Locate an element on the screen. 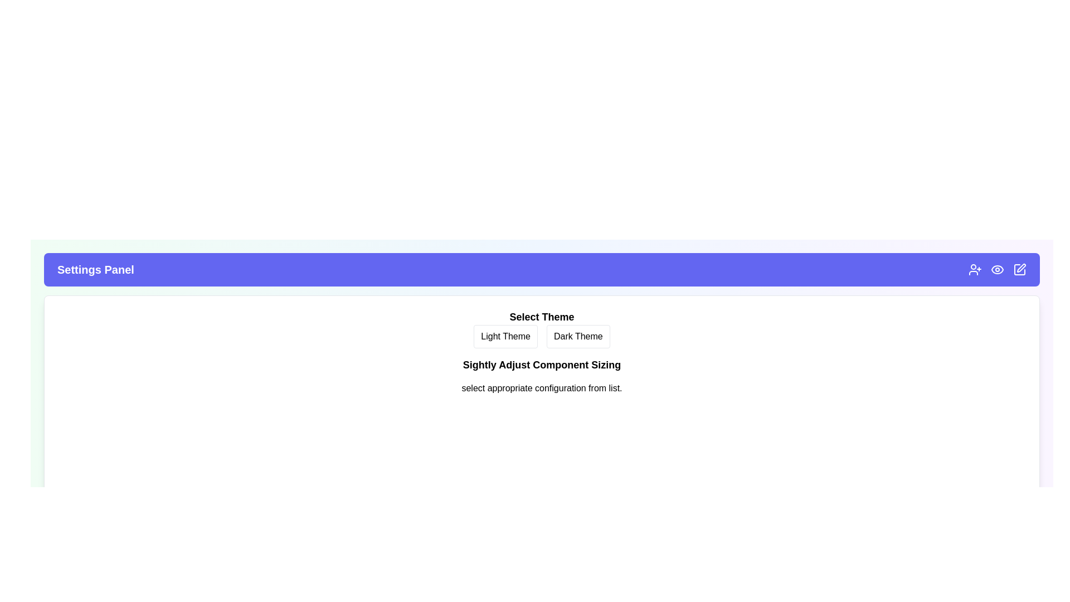 The image size is (1070, 602). text label that says 'select appropriate configuration from list.' which is positioned directly below the text 'Sightly Adjust Component Sizing.' is located at coordinates (542, 388).